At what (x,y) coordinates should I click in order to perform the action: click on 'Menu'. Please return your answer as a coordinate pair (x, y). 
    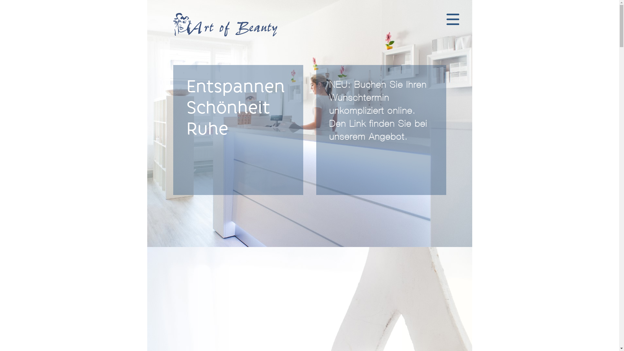
    Looking at the image, I should click on (452, 19).